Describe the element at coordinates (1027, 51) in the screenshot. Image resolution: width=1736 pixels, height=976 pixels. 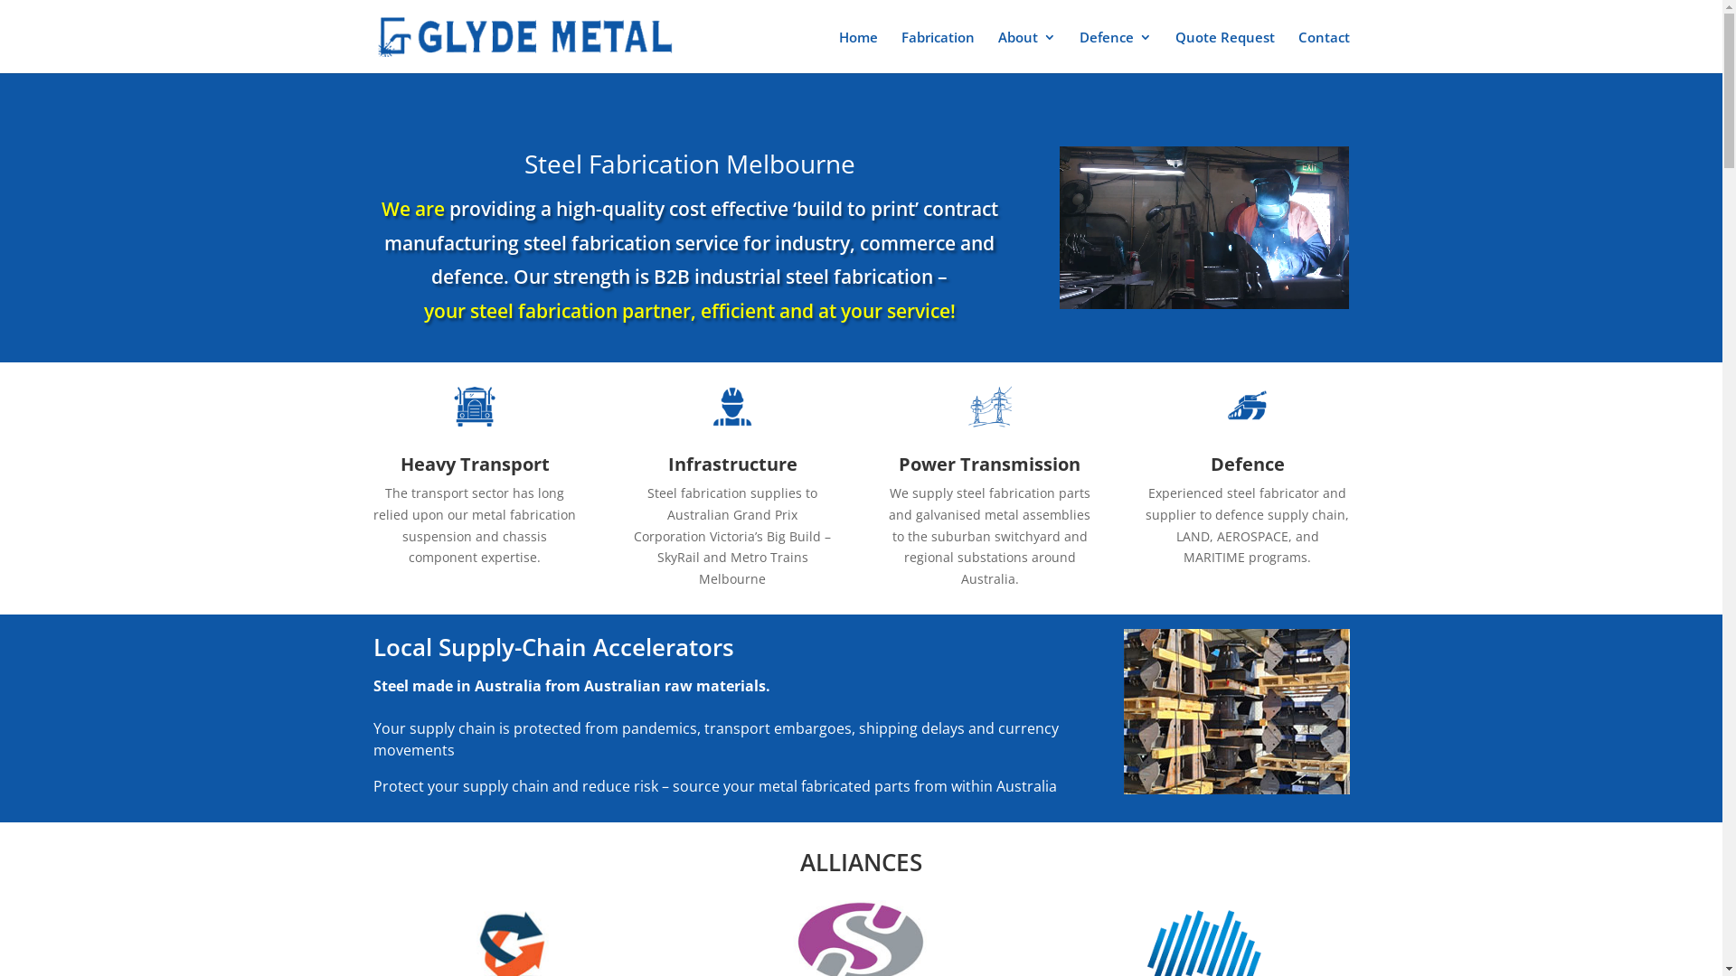
I see `'About'` at that location.